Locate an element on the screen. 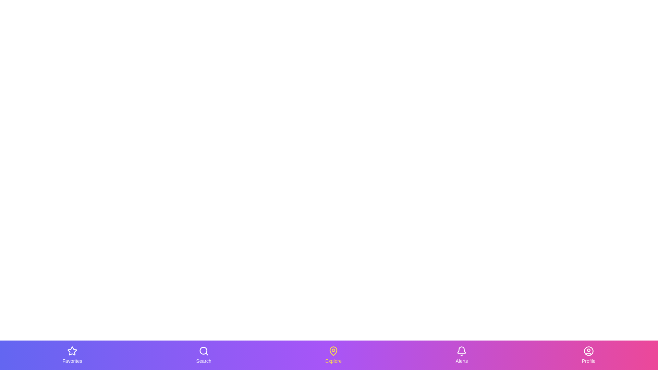 The height and width of the screenshot is (370, 658). the tab labeled Alerts to observe the hover effect is located at coordinates (462, 355).